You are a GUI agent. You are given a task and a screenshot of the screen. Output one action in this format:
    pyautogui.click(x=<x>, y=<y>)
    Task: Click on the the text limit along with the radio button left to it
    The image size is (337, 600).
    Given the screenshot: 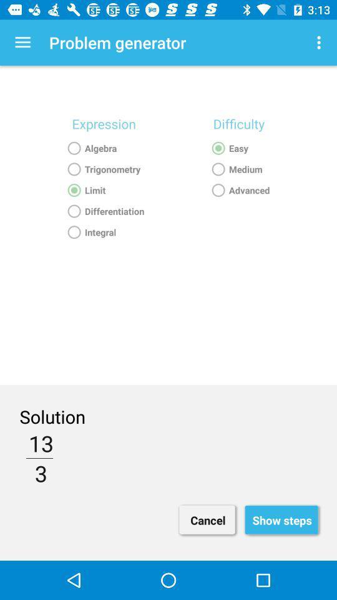 What is the action you would take?
    pyautogui.click(x=103, y=190)
    